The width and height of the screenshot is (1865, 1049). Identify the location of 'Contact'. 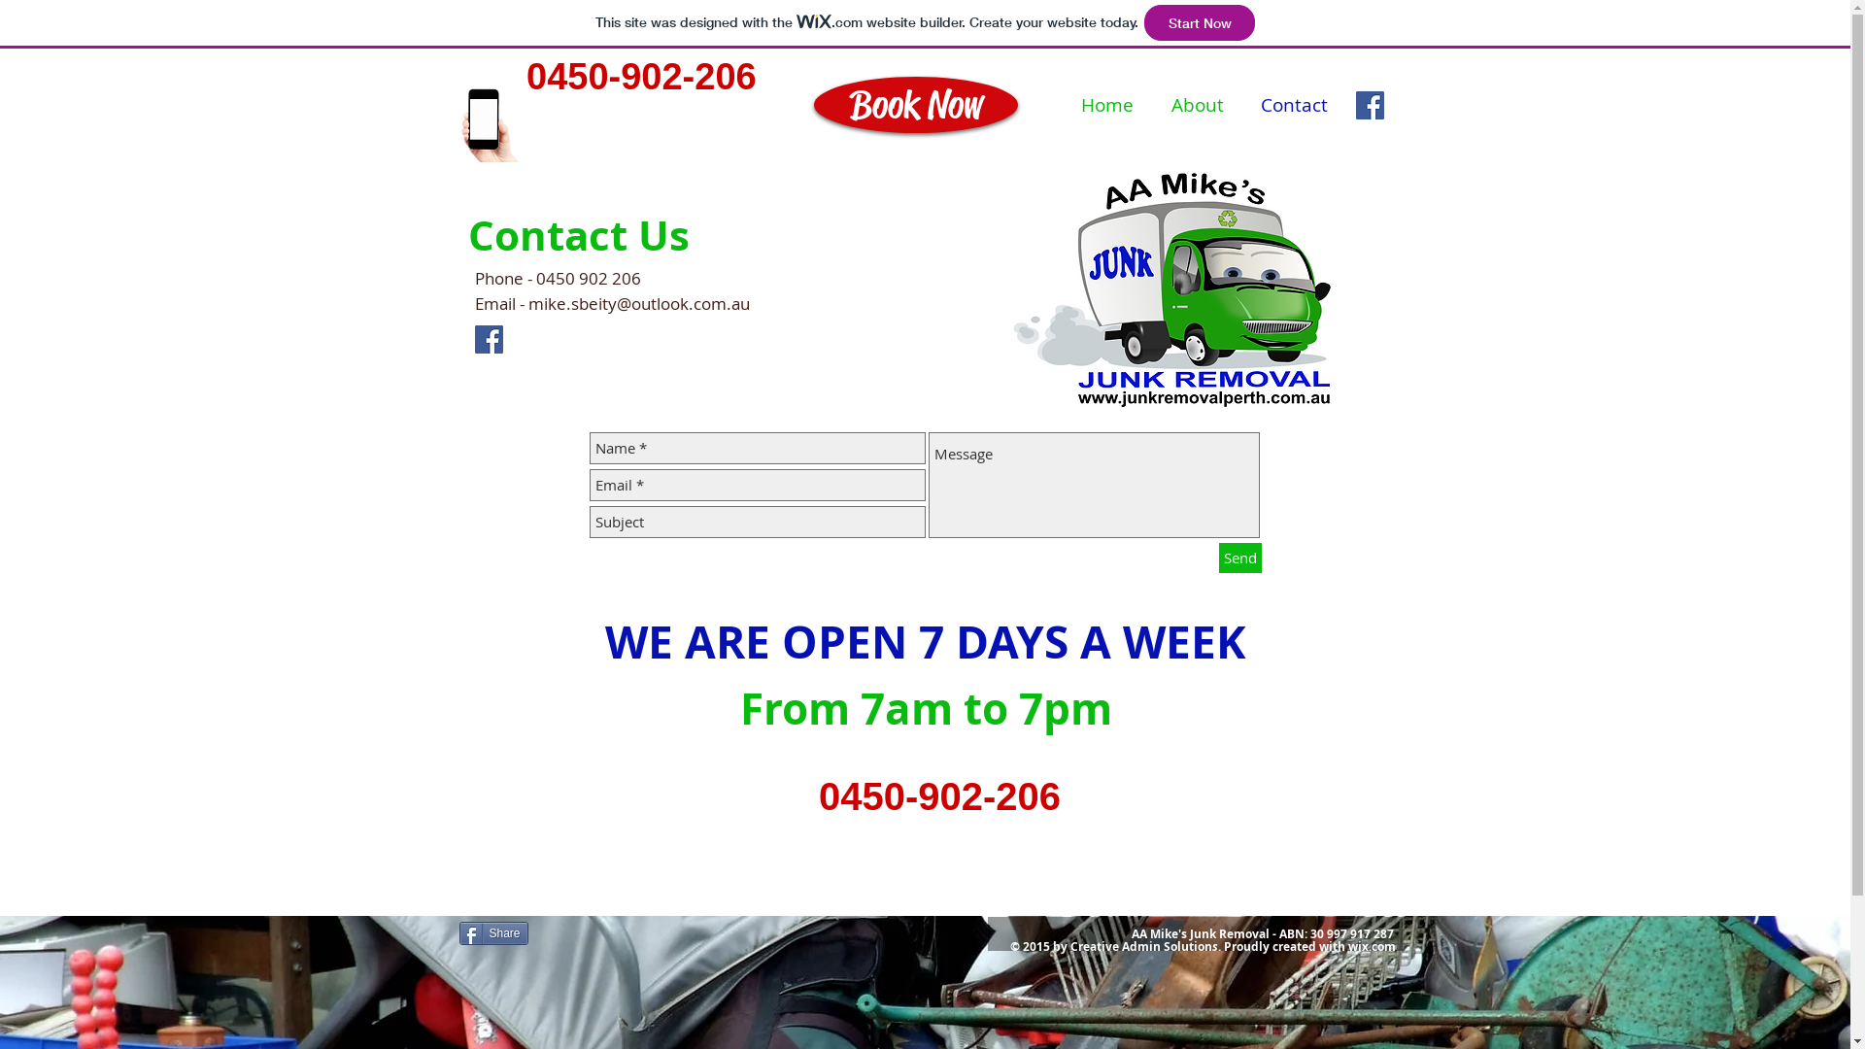
(1239, 105).